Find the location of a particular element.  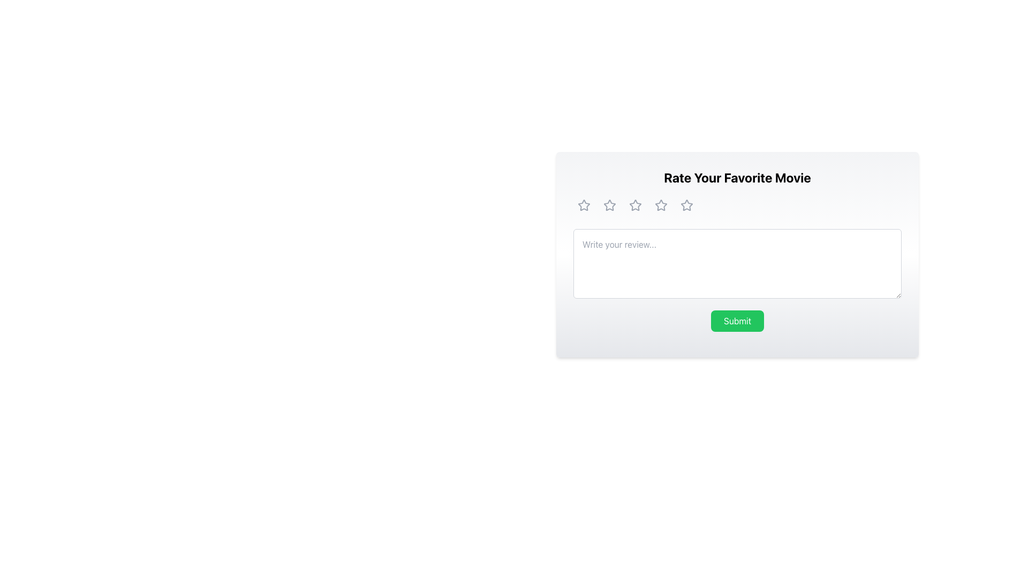

the first star icon is located at coordinates (583, 206).